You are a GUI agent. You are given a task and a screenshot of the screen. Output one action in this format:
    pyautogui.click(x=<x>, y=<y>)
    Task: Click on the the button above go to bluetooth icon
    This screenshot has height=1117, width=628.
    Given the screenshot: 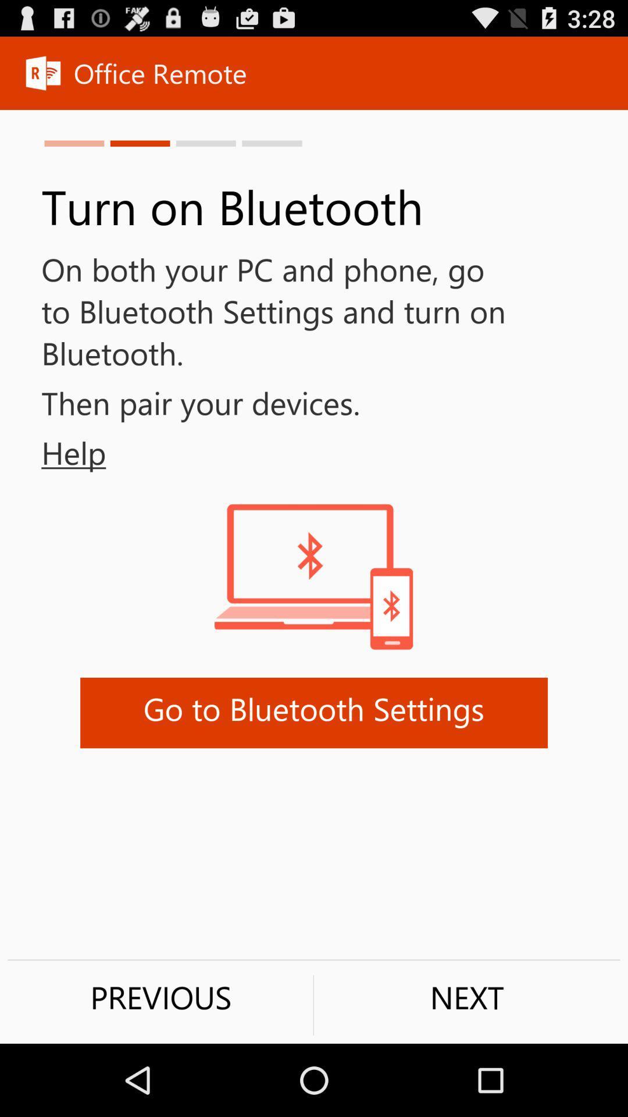 What is the action you would take?
    pyautogui.click(x=53, y=452)
    